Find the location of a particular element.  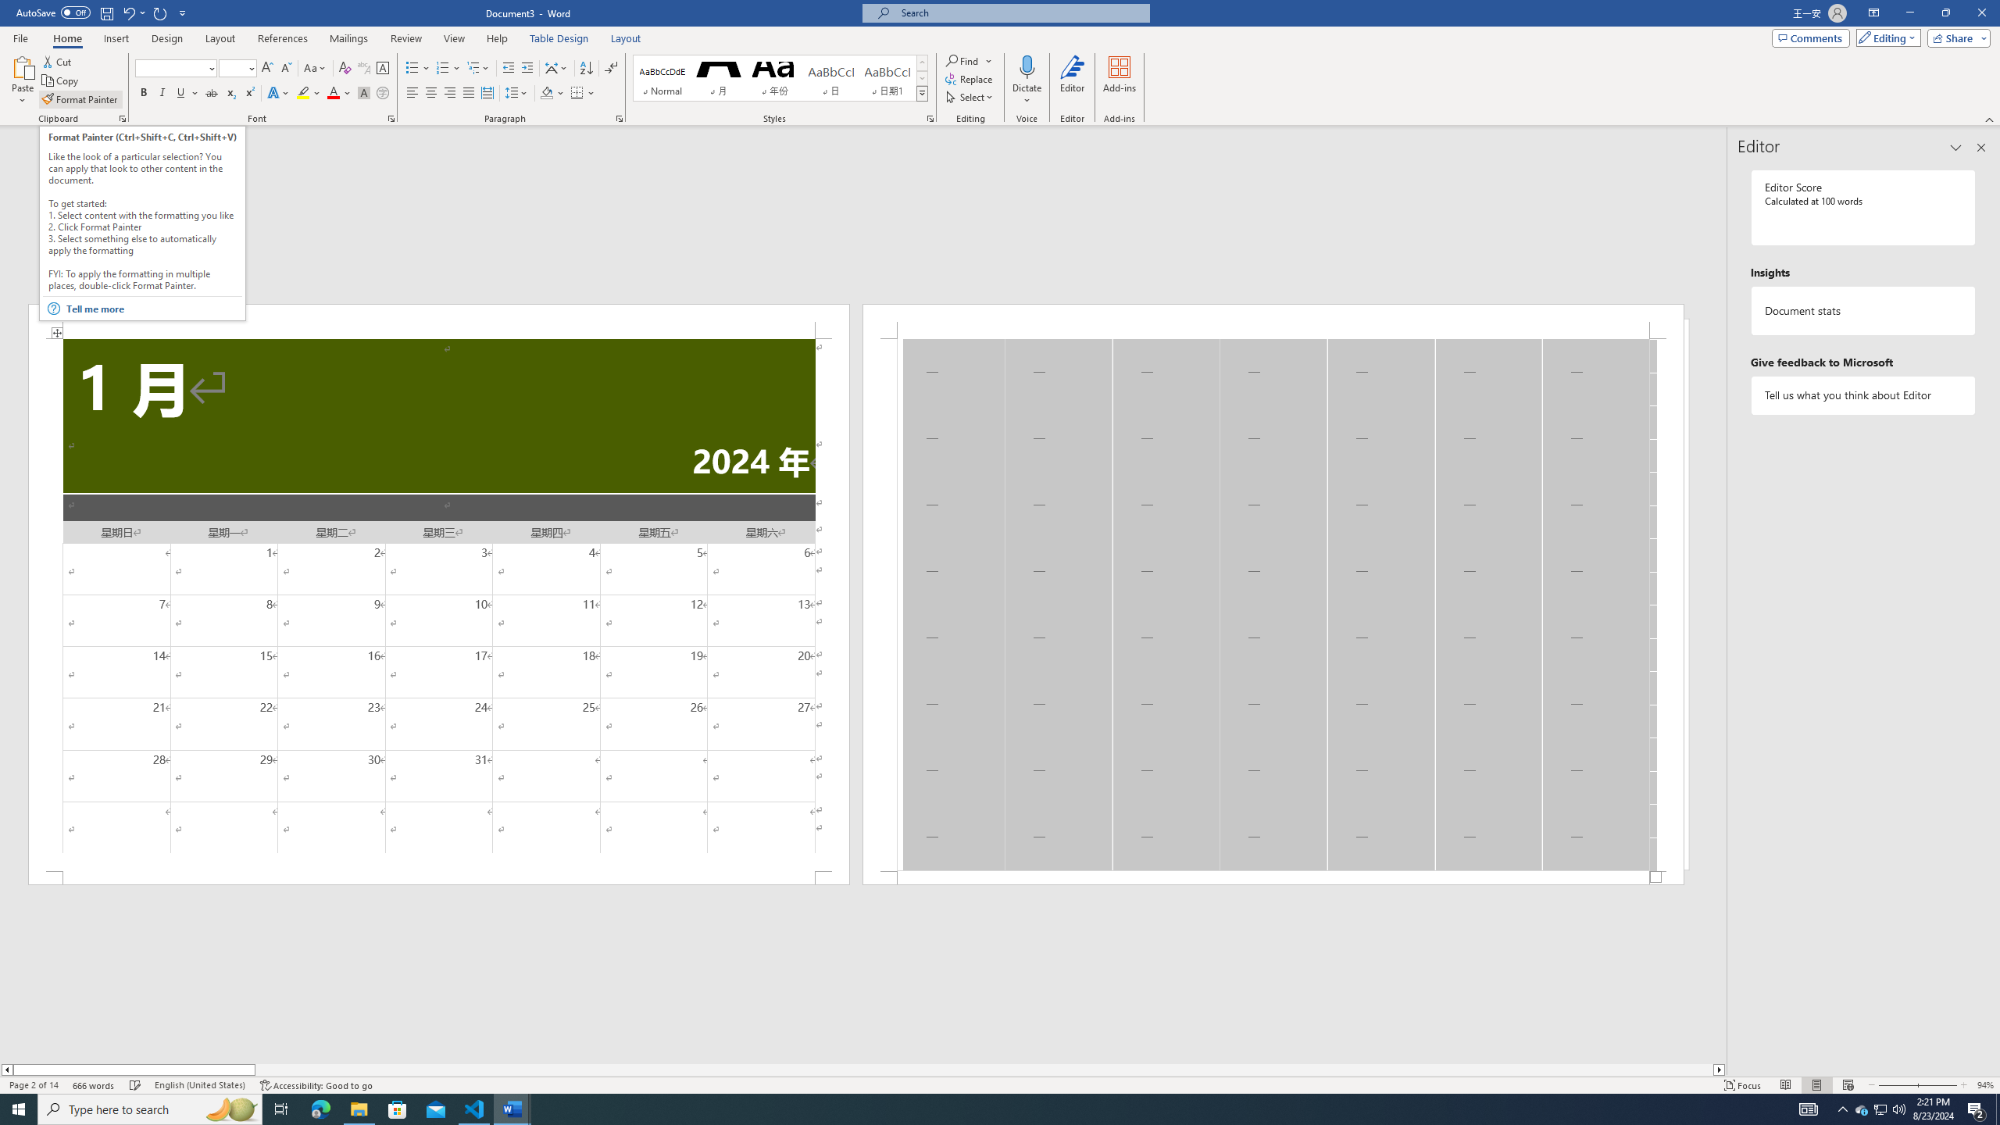

'Editor' is located at coordinates (1073, 80).